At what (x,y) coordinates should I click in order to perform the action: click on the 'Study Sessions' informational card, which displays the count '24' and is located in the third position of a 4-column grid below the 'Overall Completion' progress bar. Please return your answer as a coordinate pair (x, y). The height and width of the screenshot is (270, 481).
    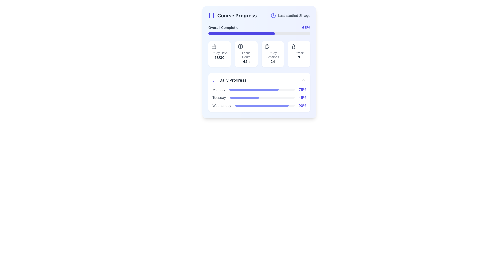
    Looking at the image, I should click on (272, 54).